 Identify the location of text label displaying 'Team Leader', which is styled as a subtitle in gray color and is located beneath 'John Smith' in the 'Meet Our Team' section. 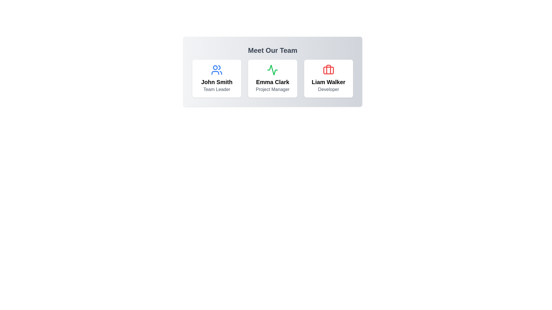
(216, 90).